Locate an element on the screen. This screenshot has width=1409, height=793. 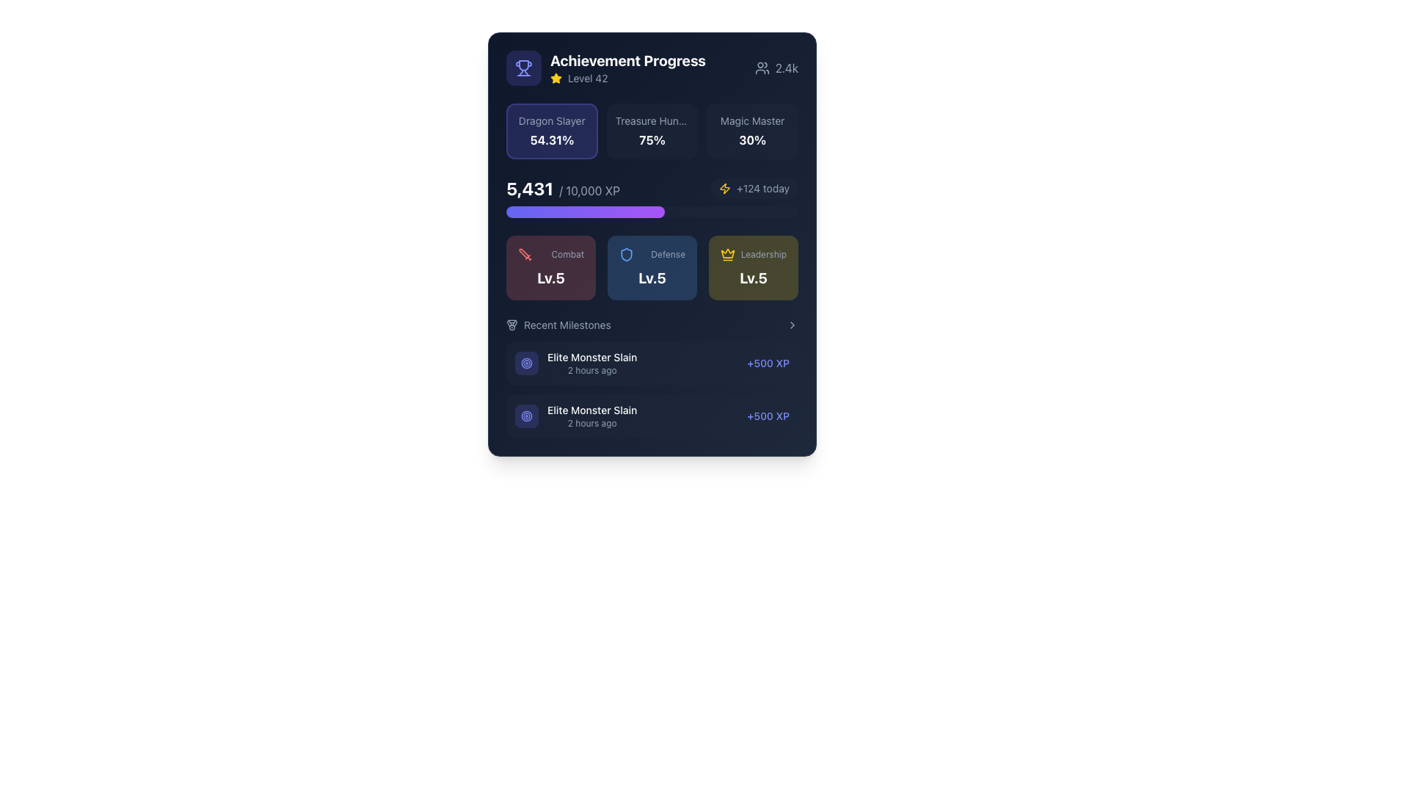
text content of the percentage value associated with the 'Dragon Slayer' label, which indicates a progress or achievement metric is located at coordinates (551, 140).